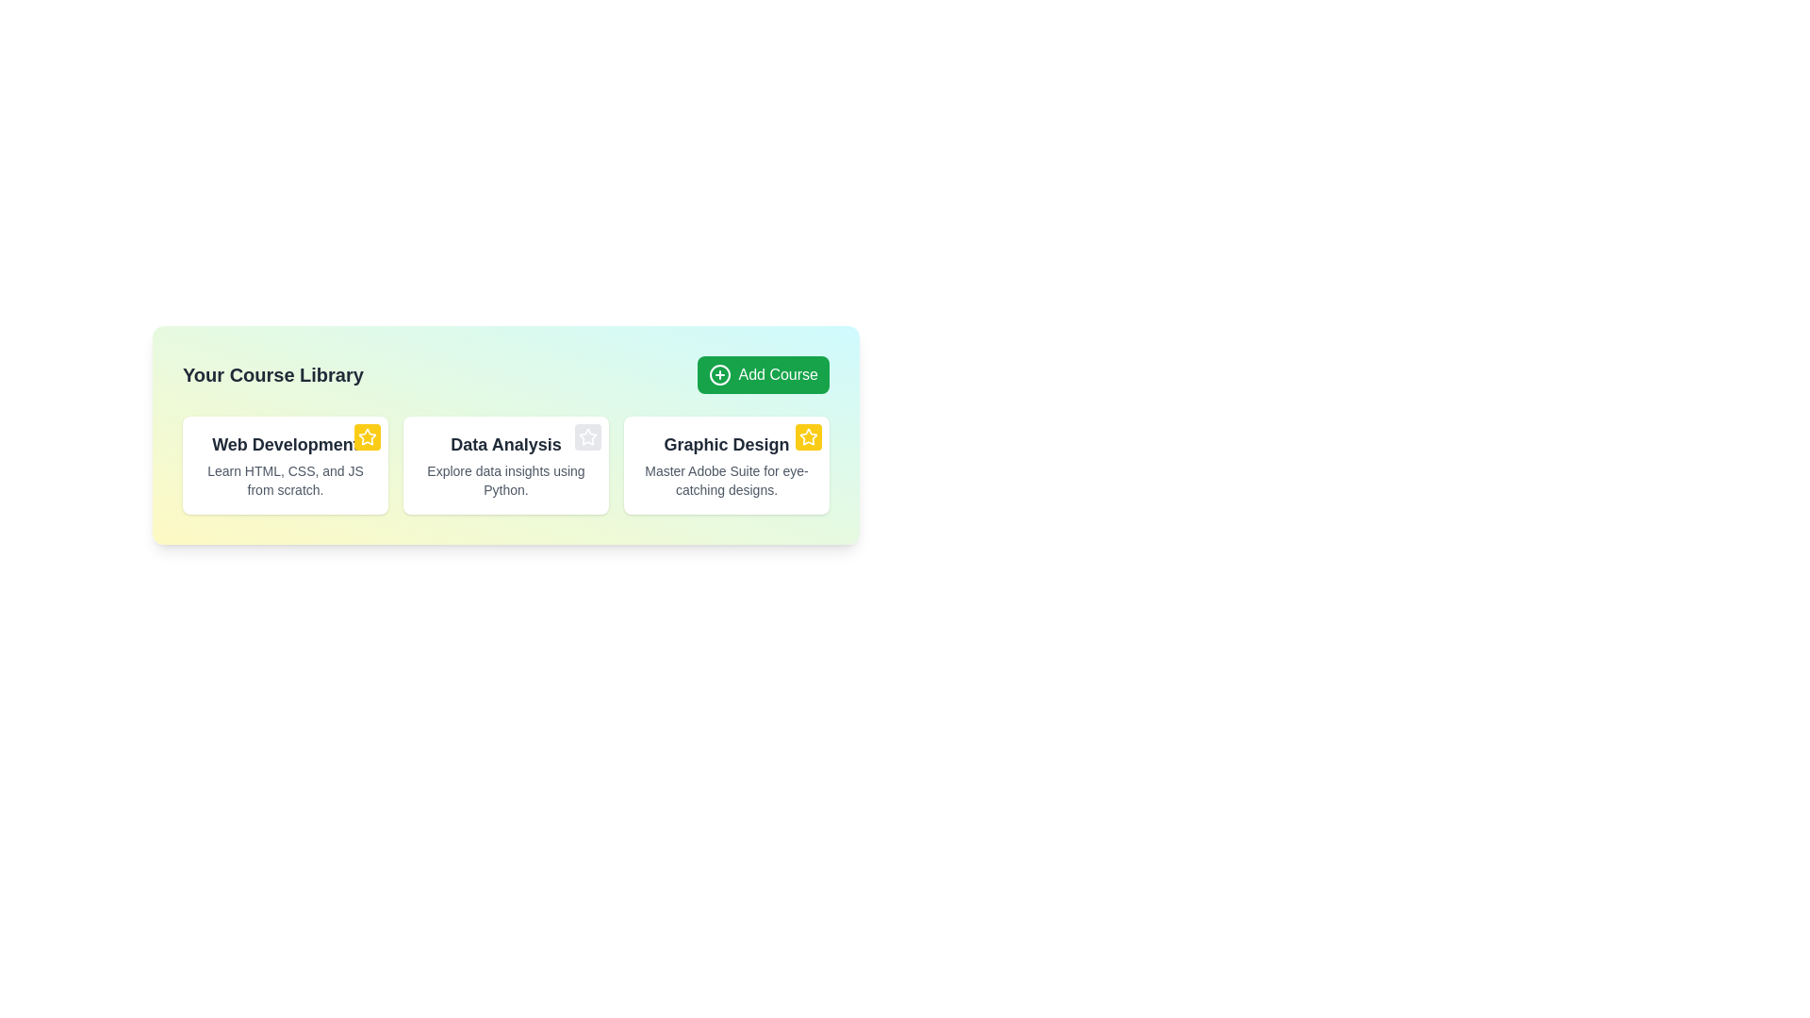 The height and width of the screenshot is (1018, 1810). Describe the element at coordinates (506, 444) in the screenshot. I see `the title text label for the 'Data Analysis' card, which is centrally positioned within the second card of a group of three cards` at that location.